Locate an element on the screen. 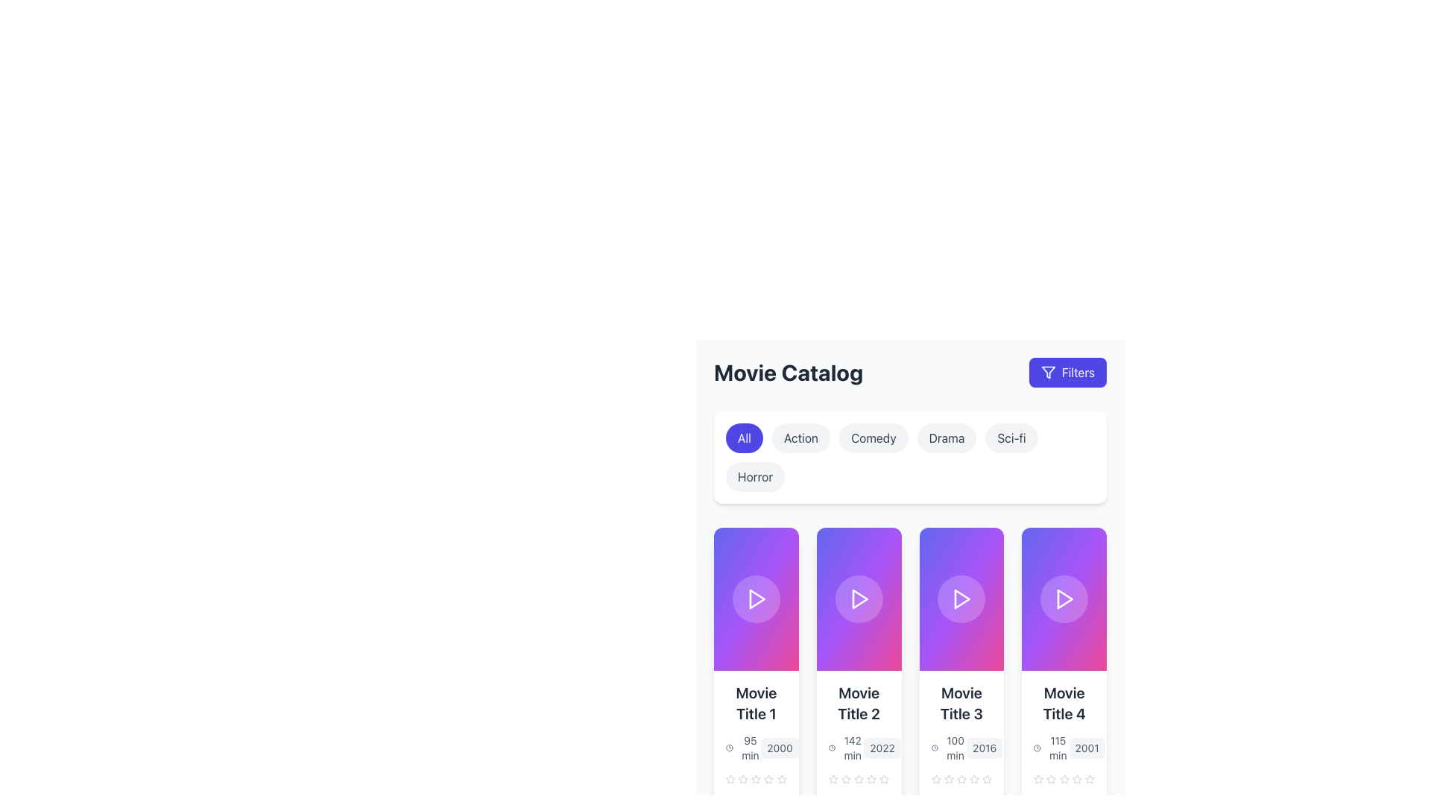 Image resolution: width=1431 pixels, height=805 pixels. the funnel icon located within the purple rectangular button labeled 'Filters' at the top-right corner of the interface is located at coordinates (1047, 372).